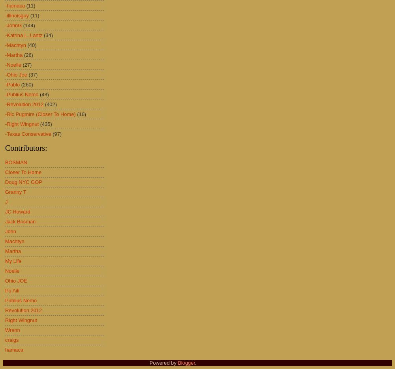 The image size is (395, 369). What do you see at coordinates (45, 124) in the screenshot?
I see `'(435)'` at bounding box center [45, 124].